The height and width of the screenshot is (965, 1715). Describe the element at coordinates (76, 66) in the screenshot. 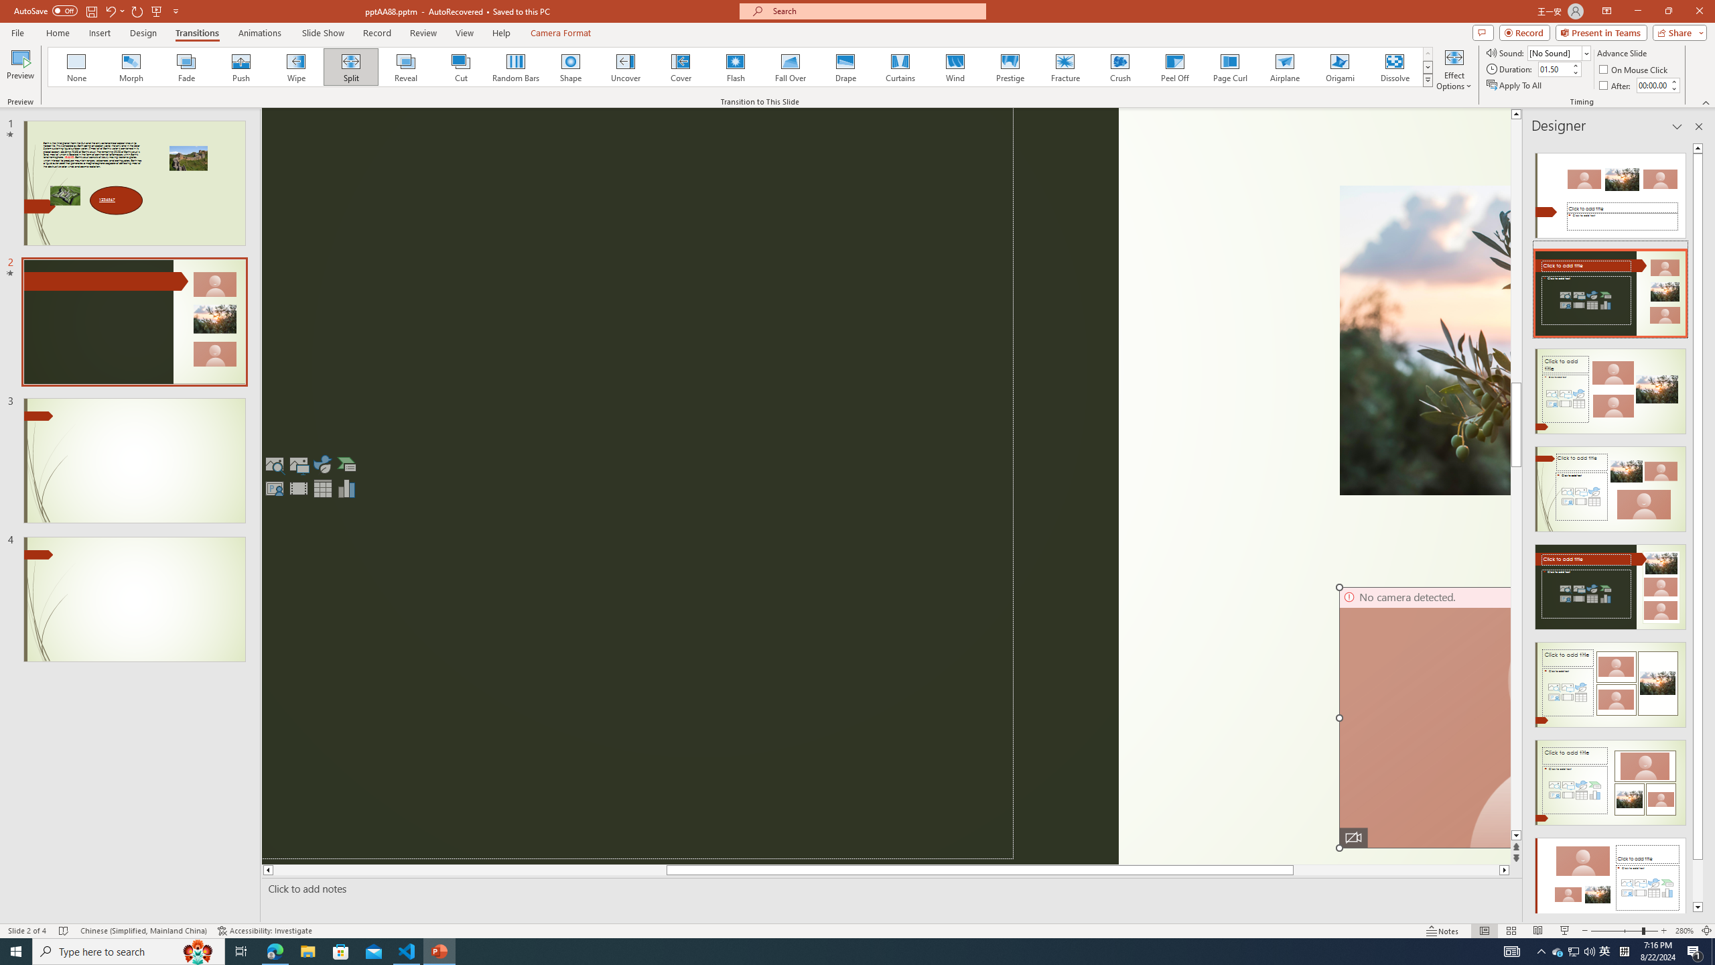

I see `'None'` at that location.